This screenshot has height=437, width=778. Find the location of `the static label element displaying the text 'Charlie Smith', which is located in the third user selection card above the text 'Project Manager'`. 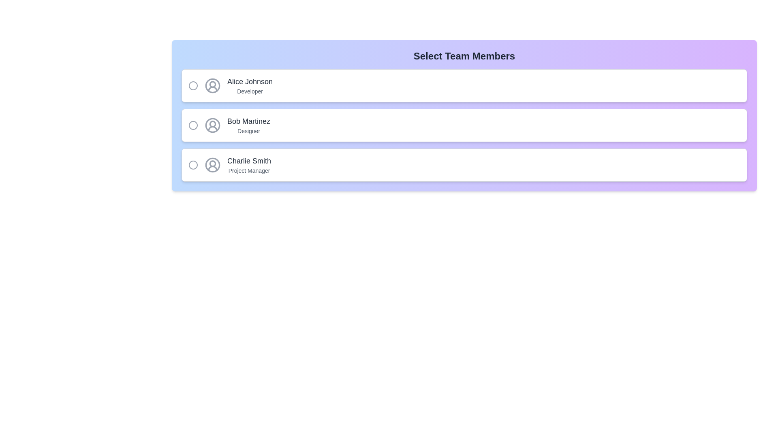

the static label element displaying the text 'Charlie Smith', which is located in the third user selection card above the text 'Project Manager' is located at coordinates (248, 161).